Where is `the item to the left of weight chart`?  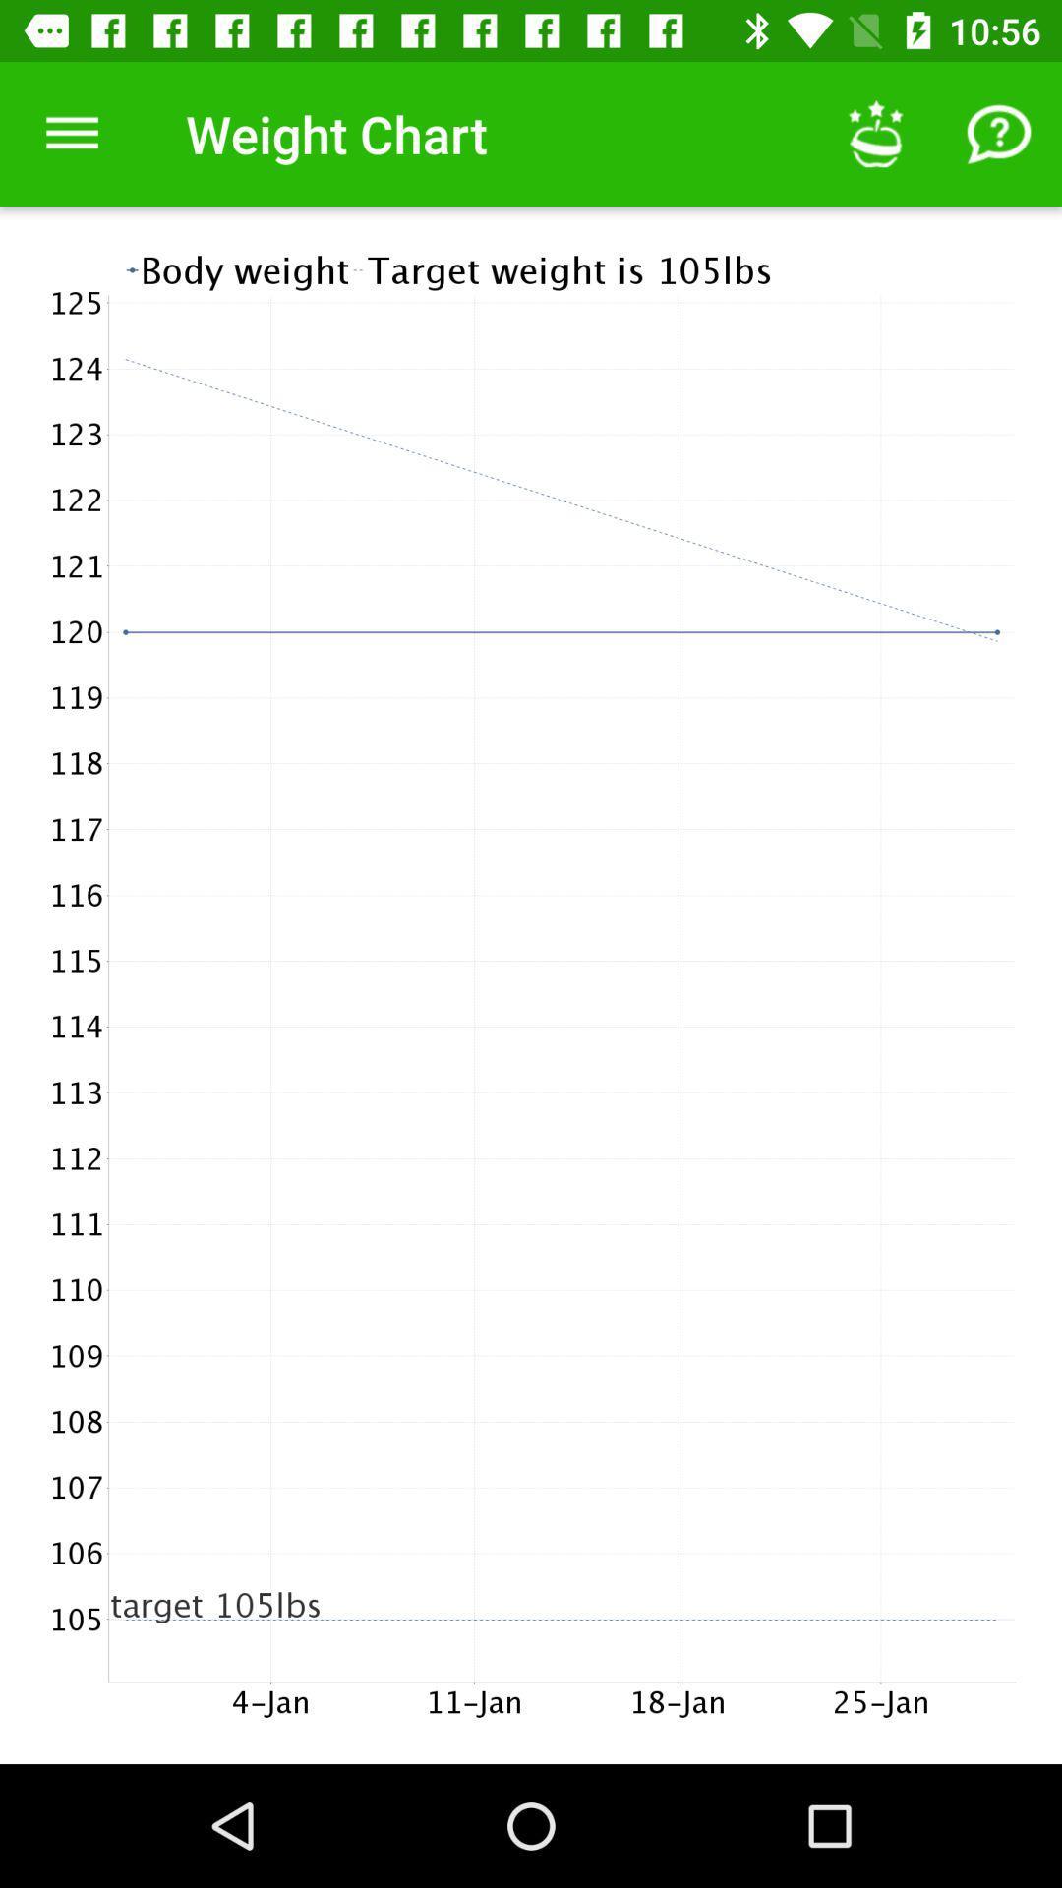 the item to the left of weight chart is located at coordinates (71, 133).